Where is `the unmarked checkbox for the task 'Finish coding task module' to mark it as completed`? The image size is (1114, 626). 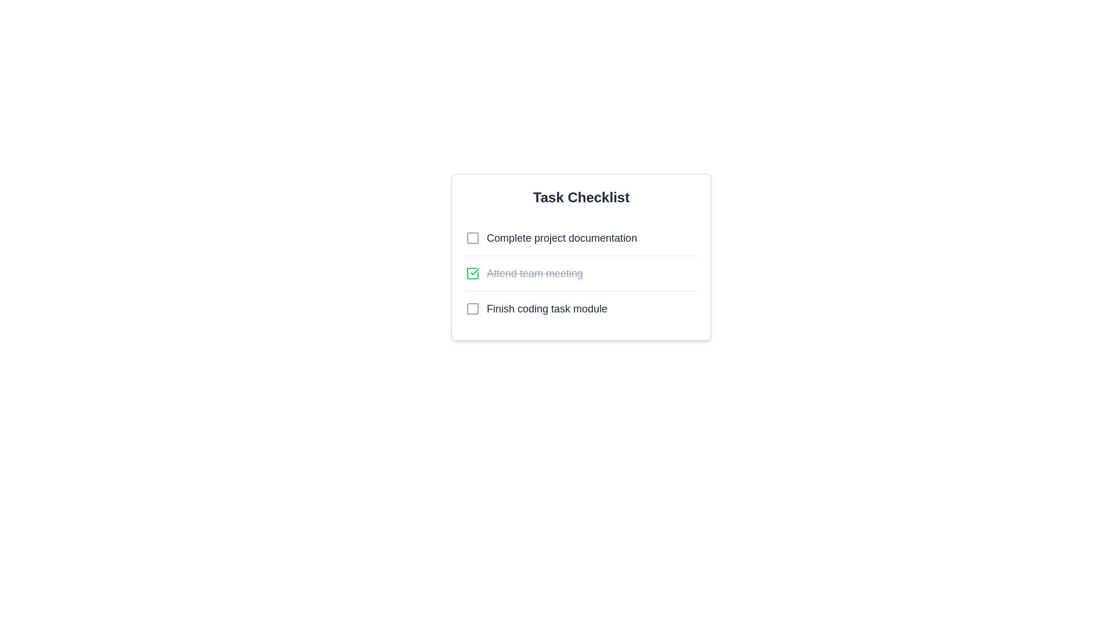
the unmarked checkbox for the task 'Finish coding task module' to mark it as completed is located at coordinates (581, 308).